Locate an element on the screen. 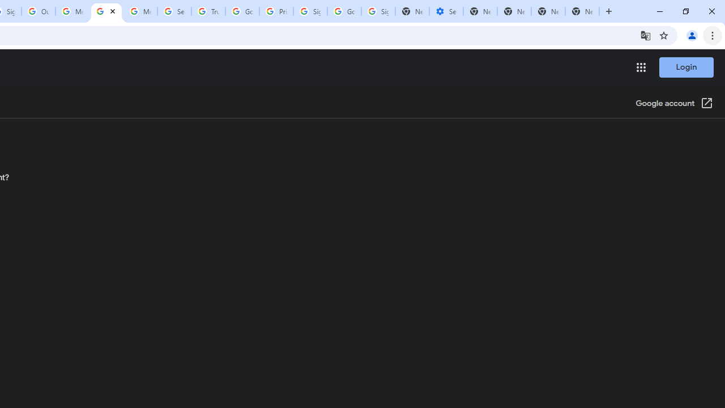 This screenshot has width=725, height=408. 'Search our Doodle Library Collection - Google Doodles' is located at coordinates (173, 11).